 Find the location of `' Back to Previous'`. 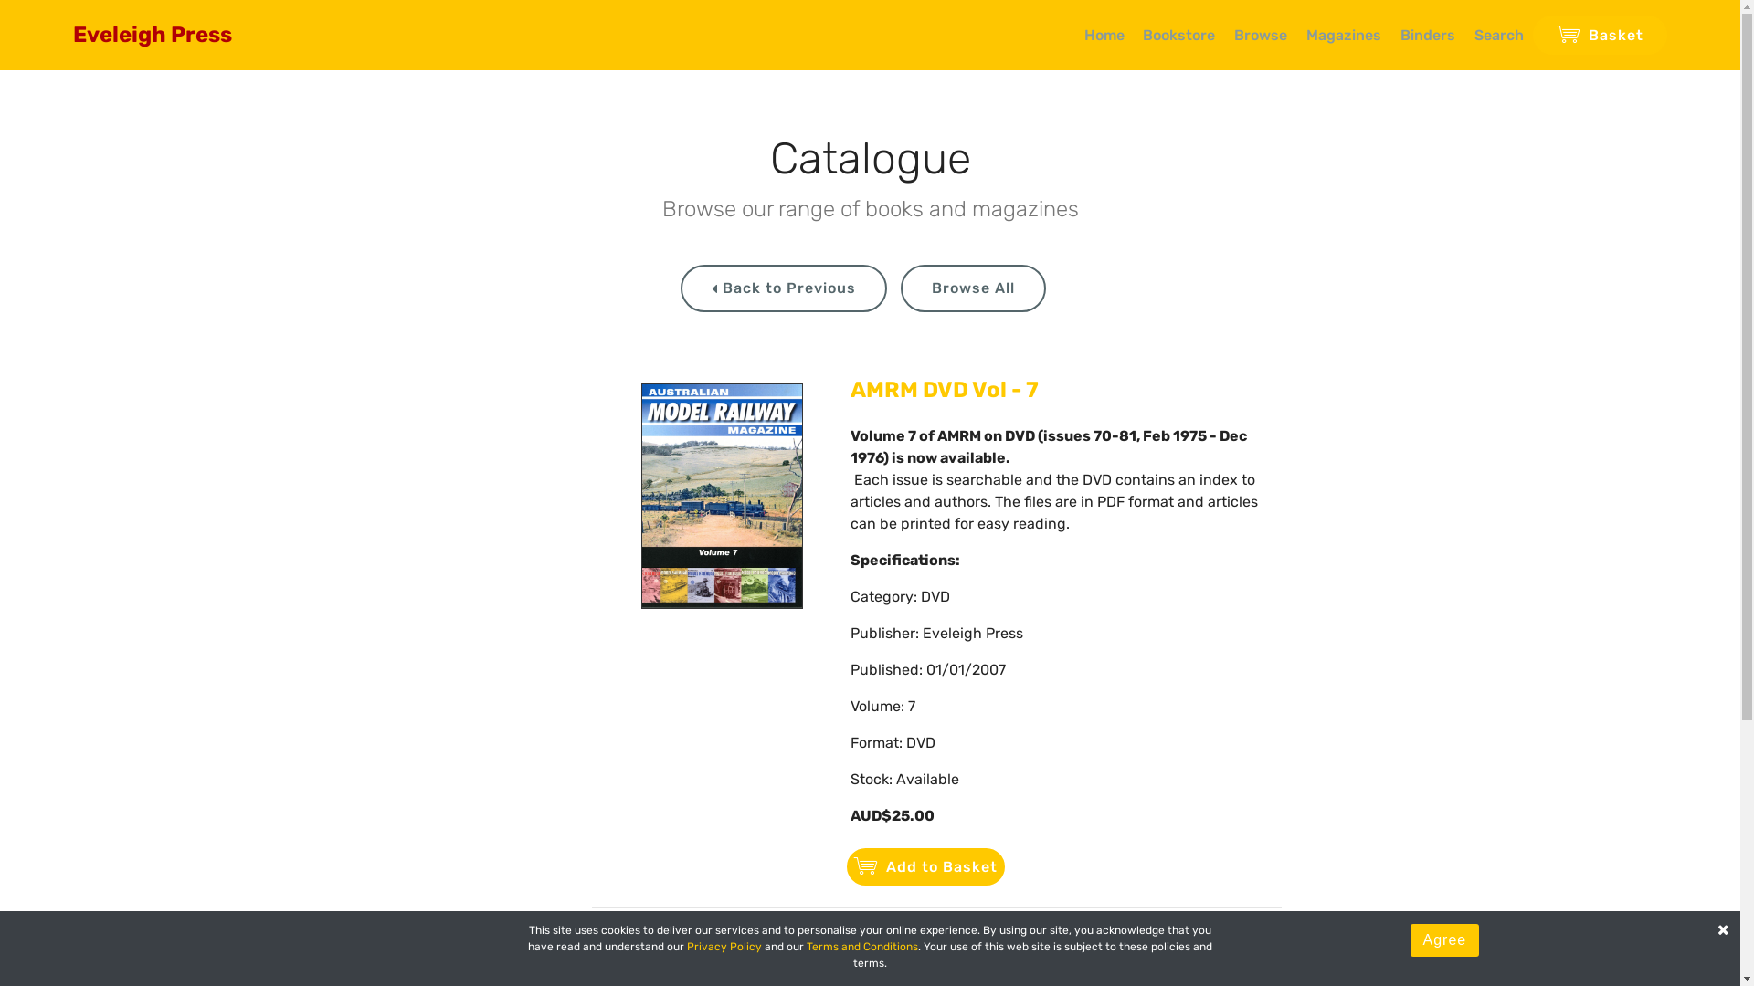

' Back to Previous' is located at coordinates (784, 288).